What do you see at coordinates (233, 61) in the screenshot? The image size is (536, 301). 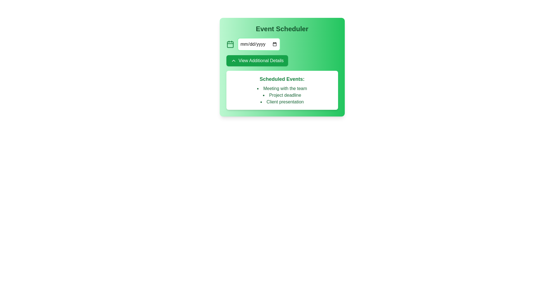 I see `the chevron icon pointing upwards, which is styled with white lines on a green background and located to the left within the 'View Additional Details' button` at bounding box center [233, 61].